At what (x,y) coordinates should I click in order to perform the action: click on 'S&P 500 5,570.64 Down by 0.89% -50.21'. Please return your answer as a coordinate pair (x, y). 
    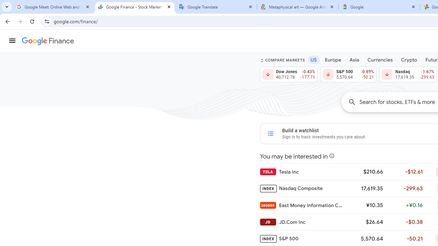
    Looking at the image, I should click on (348, 74).